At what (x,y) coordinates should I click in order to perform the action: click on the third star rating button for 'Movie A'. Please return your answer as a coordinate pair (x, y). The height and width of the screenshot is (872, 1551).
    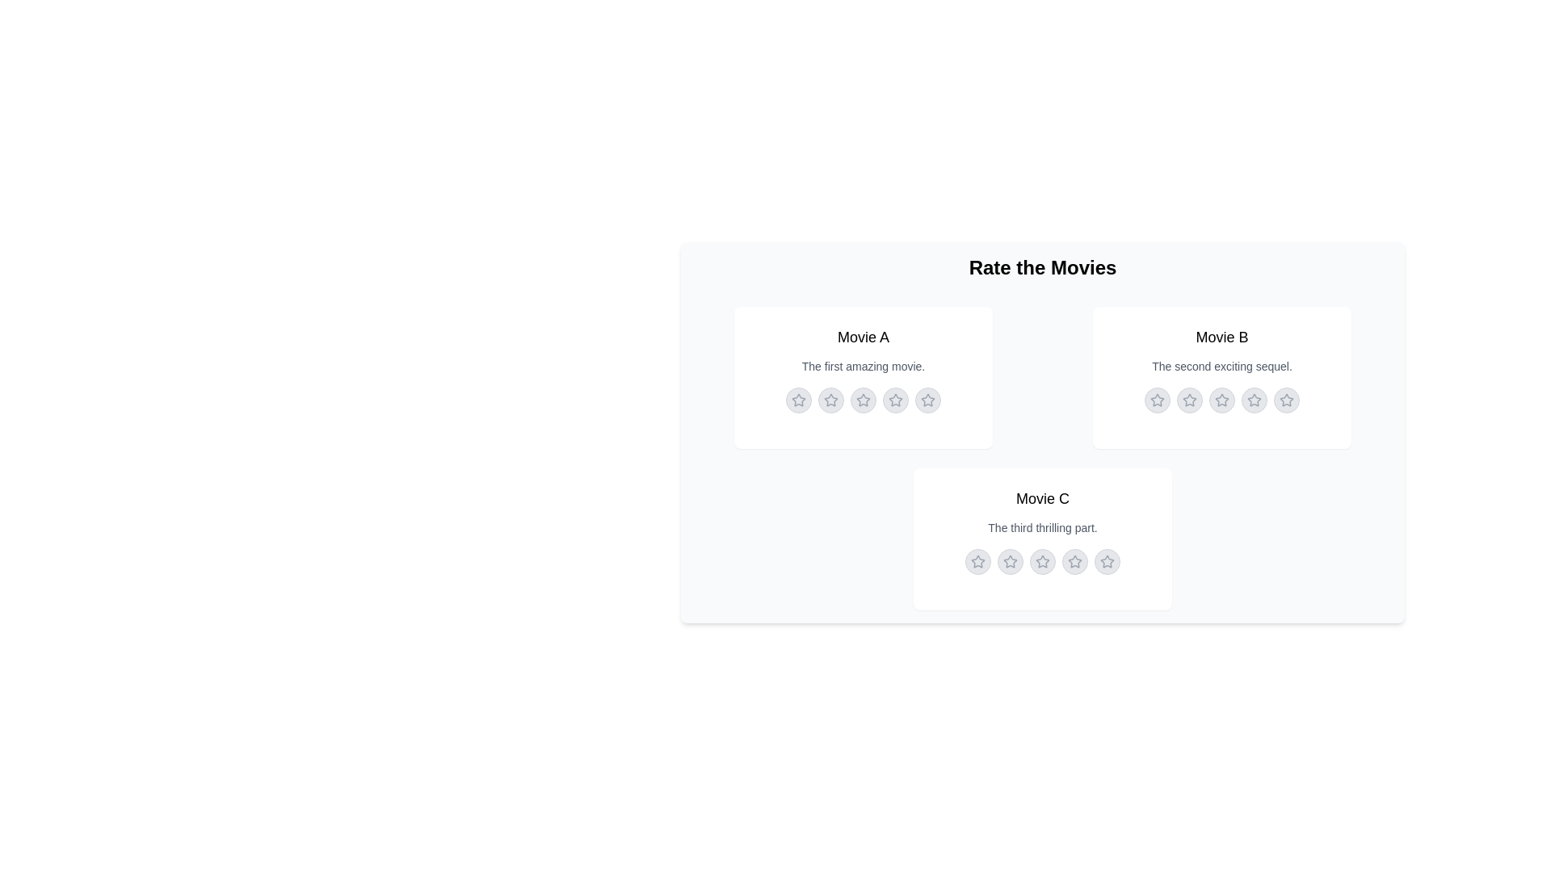
    Looking at the image, I should click on (863, 400).